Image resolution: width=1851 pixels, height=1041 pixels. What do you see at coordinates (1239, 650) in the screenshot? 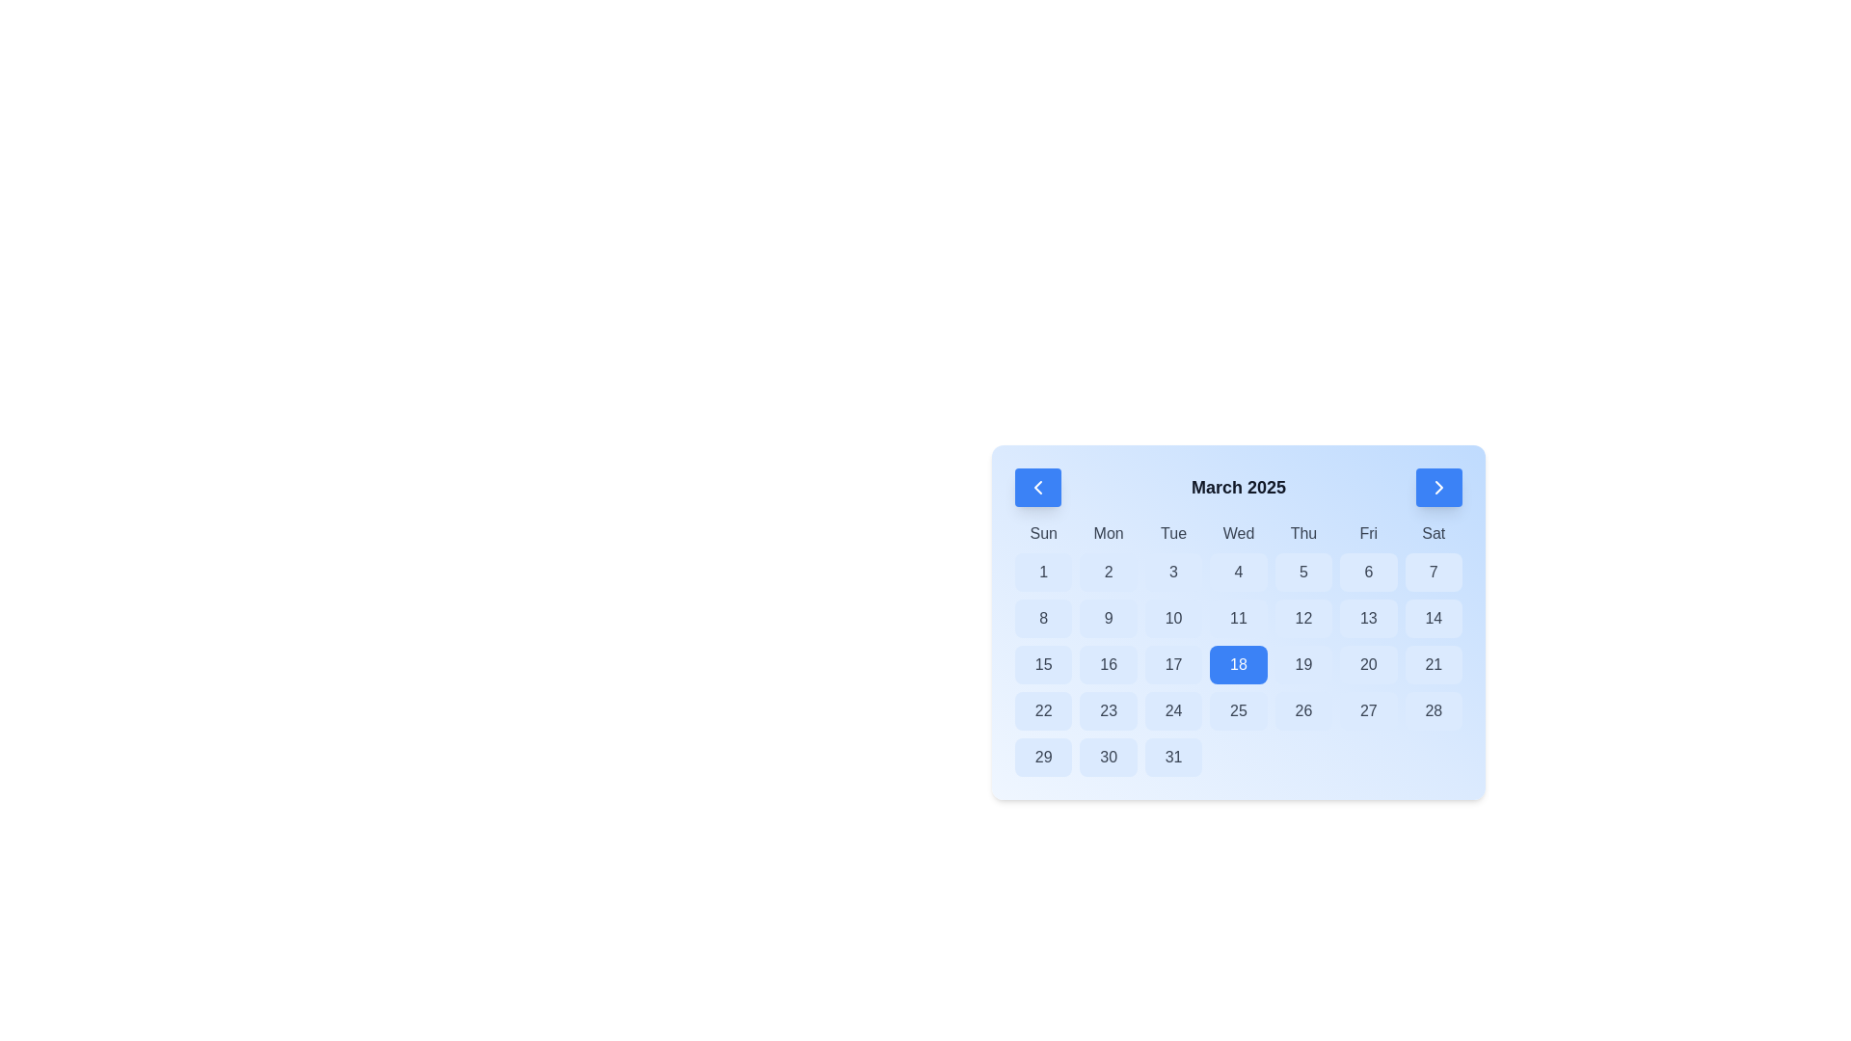
I see `the date cell displaying '18' in a vivid blue color within the March 2025 calendar grid` at bounding box center [1239, 650].